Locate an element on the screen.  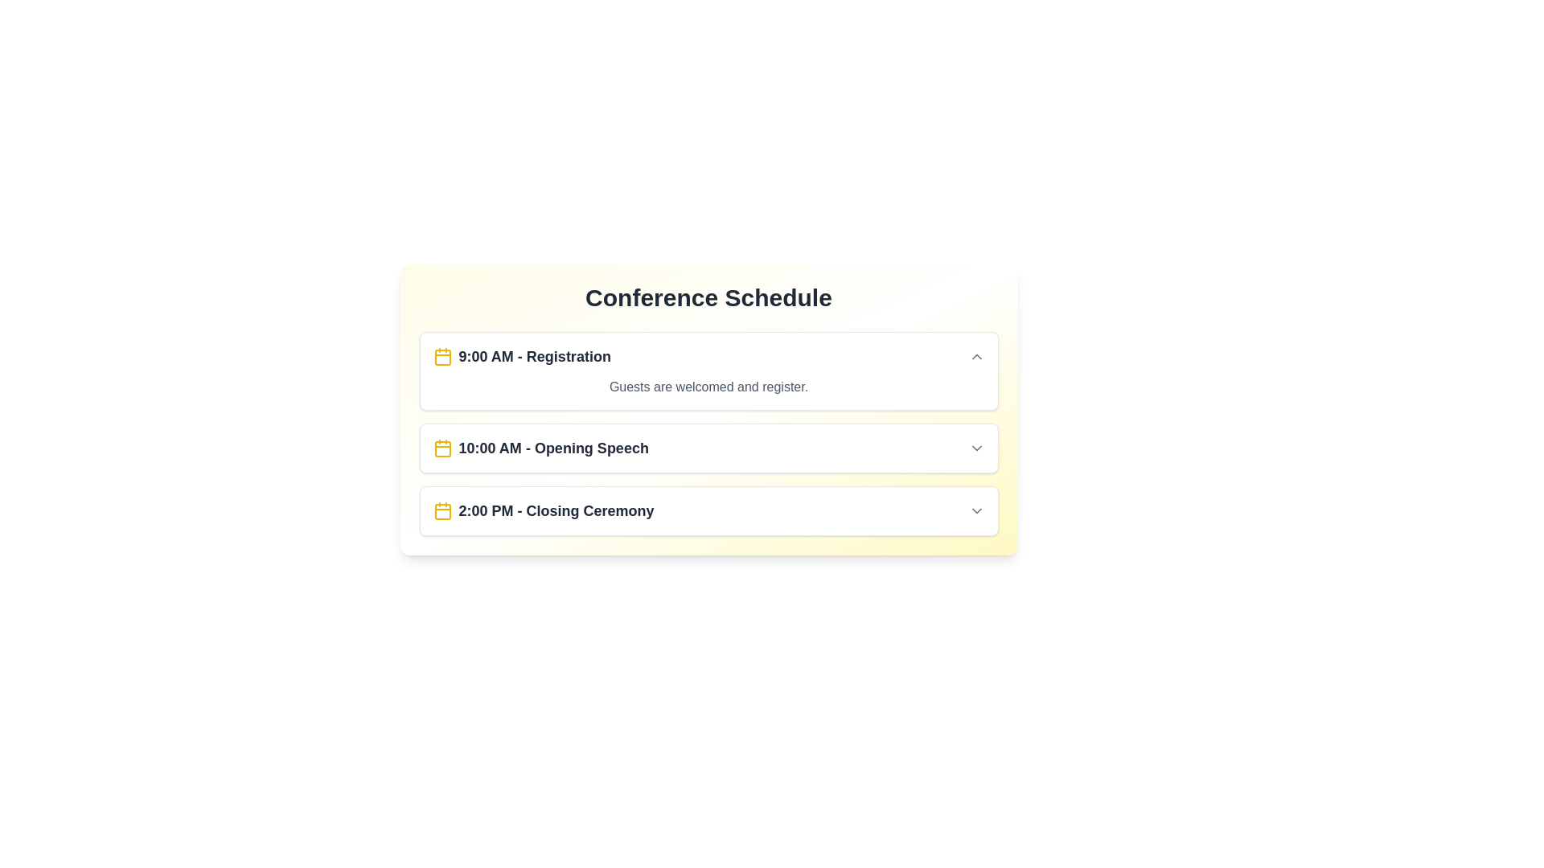
the interactive control button for collapsing or expanding the '9:00 AM - Registration' section in the schedule interface is located at coordinates (975, 355).